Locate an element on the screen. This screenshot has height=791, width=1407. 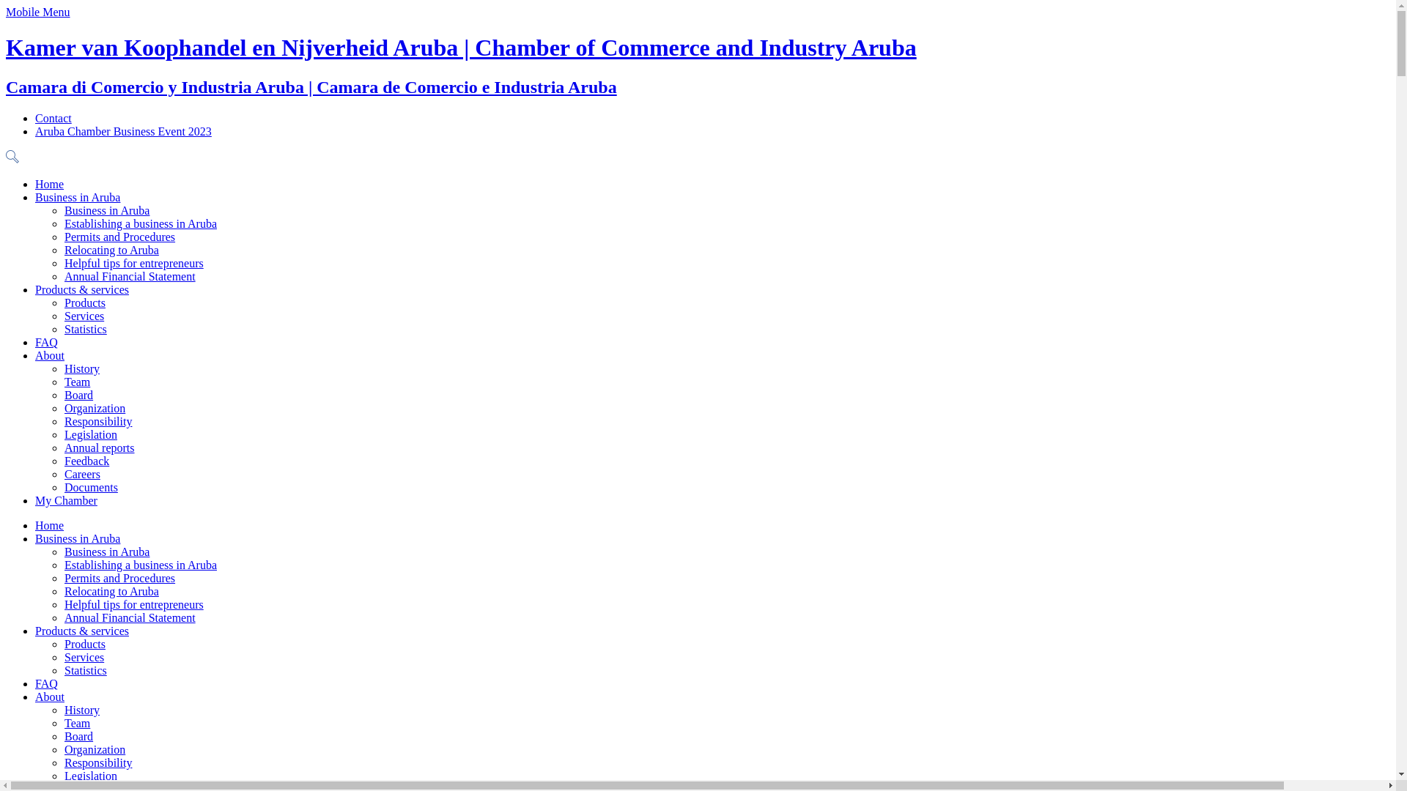
'Products' is located at coordinates (84, 643).